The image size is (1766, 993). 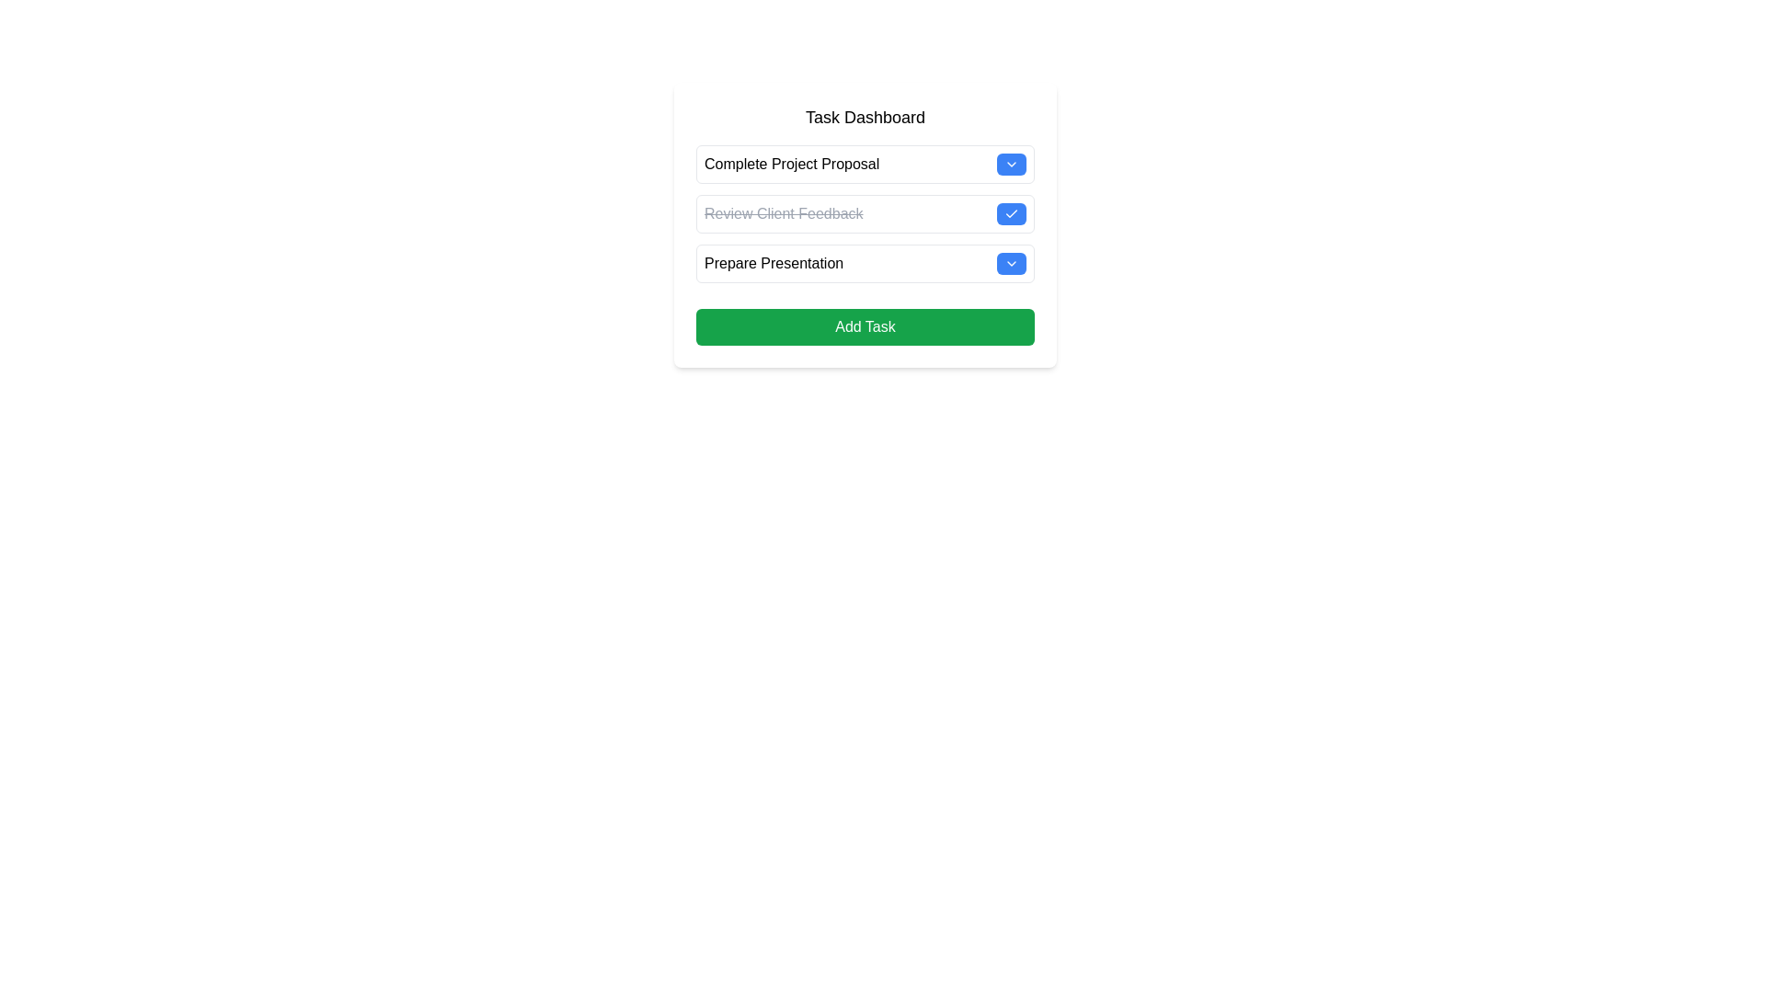 I want to click on the chevron-down icon located within the blue button at the rightmost end of the row for the 'Prepare Presentation' task, so click(x=1010, y=263).